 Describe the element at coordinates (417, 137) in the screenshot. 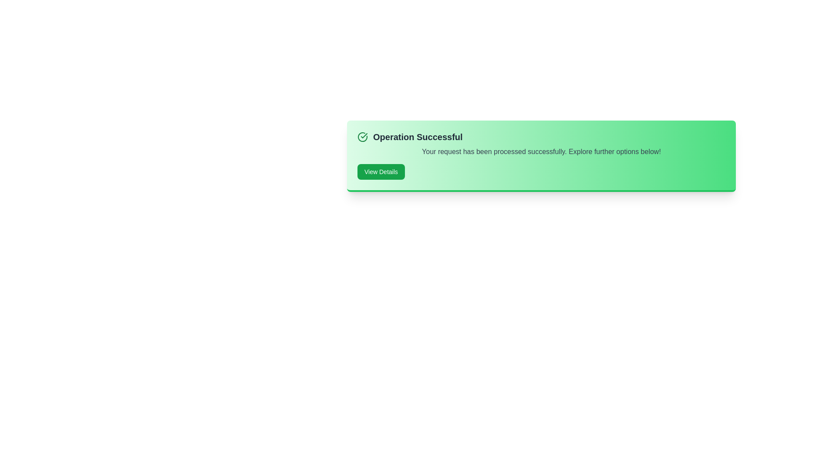

I see `the text 'Operation Successful' in the alert title` at that location.